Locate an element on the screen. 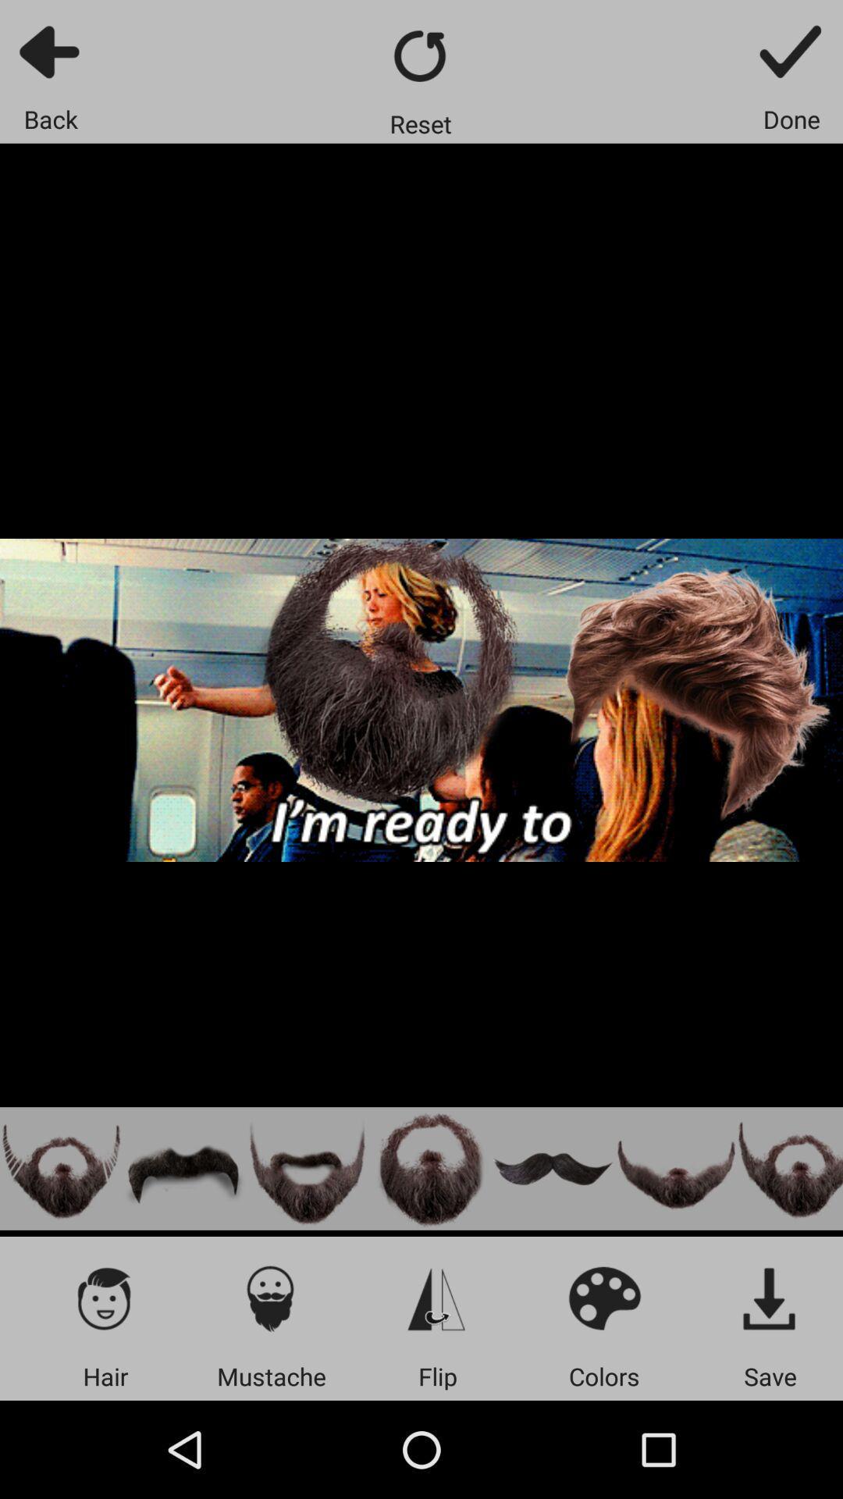  app above the mustache icon is located at coordinates (270, 1298).